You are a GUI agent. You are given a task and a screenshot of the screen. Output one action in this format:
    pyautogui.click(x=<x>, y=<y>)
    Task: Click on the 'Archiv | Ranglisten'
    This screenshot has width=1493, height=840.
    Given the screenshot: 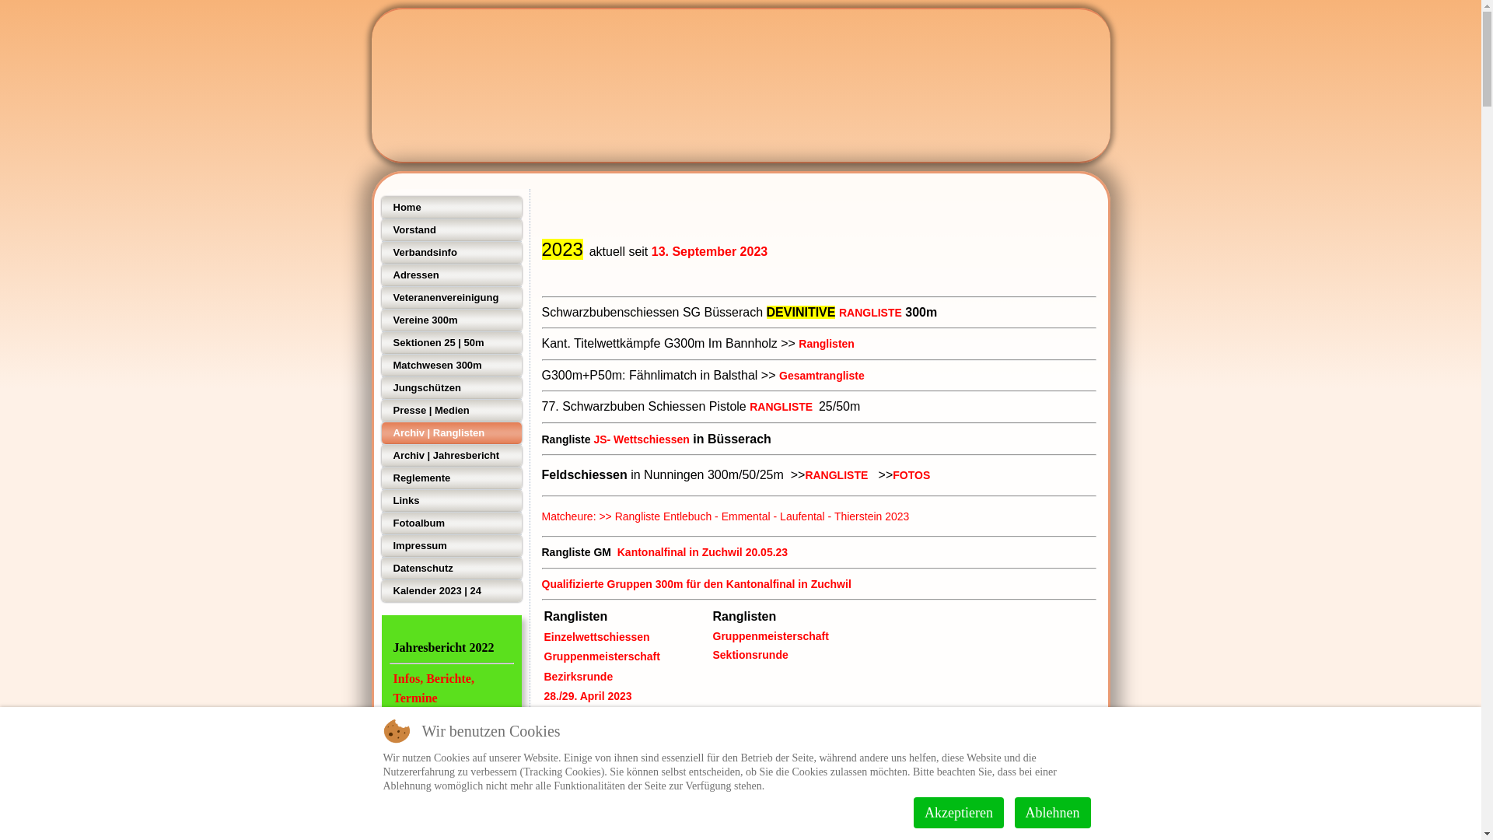 What is the action you would take?
    pyautogui.click(x=450, y=432)
    